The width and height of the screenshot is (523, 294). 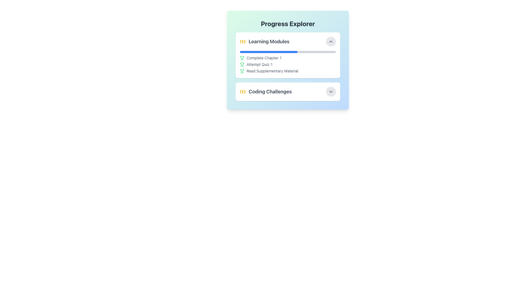 I want to click on the icon located to the left of the text 'Attempt Quiz 1' in the 'Learning Modules' section of the 'Progress Explorer' interface for additional information, so click(x=242, y=64).